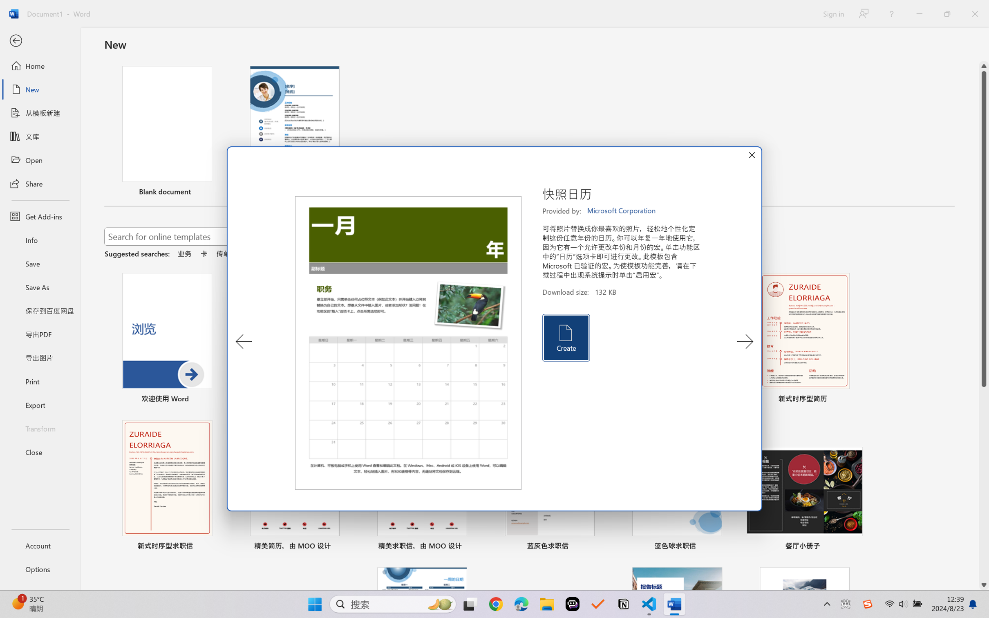  Describe the element at coordinates (40, 89) in the screenshot. I see `'New'` at that location.